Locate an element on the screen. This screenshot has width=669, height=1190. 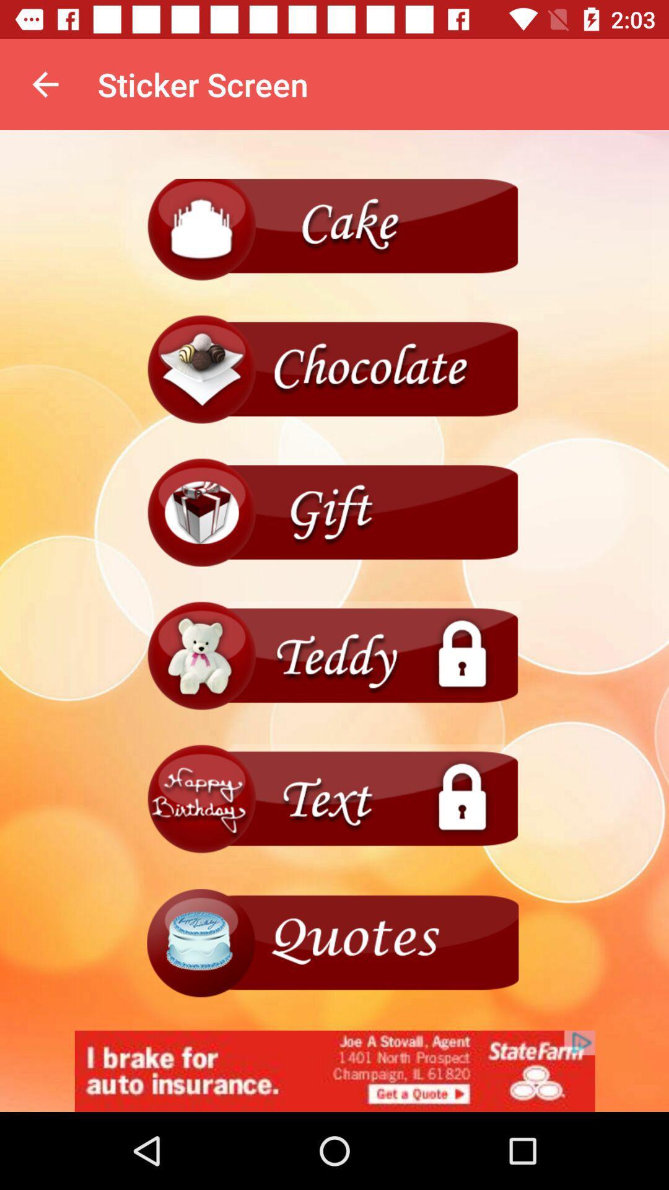
advertisement link is located at coordinates (334, 1070).